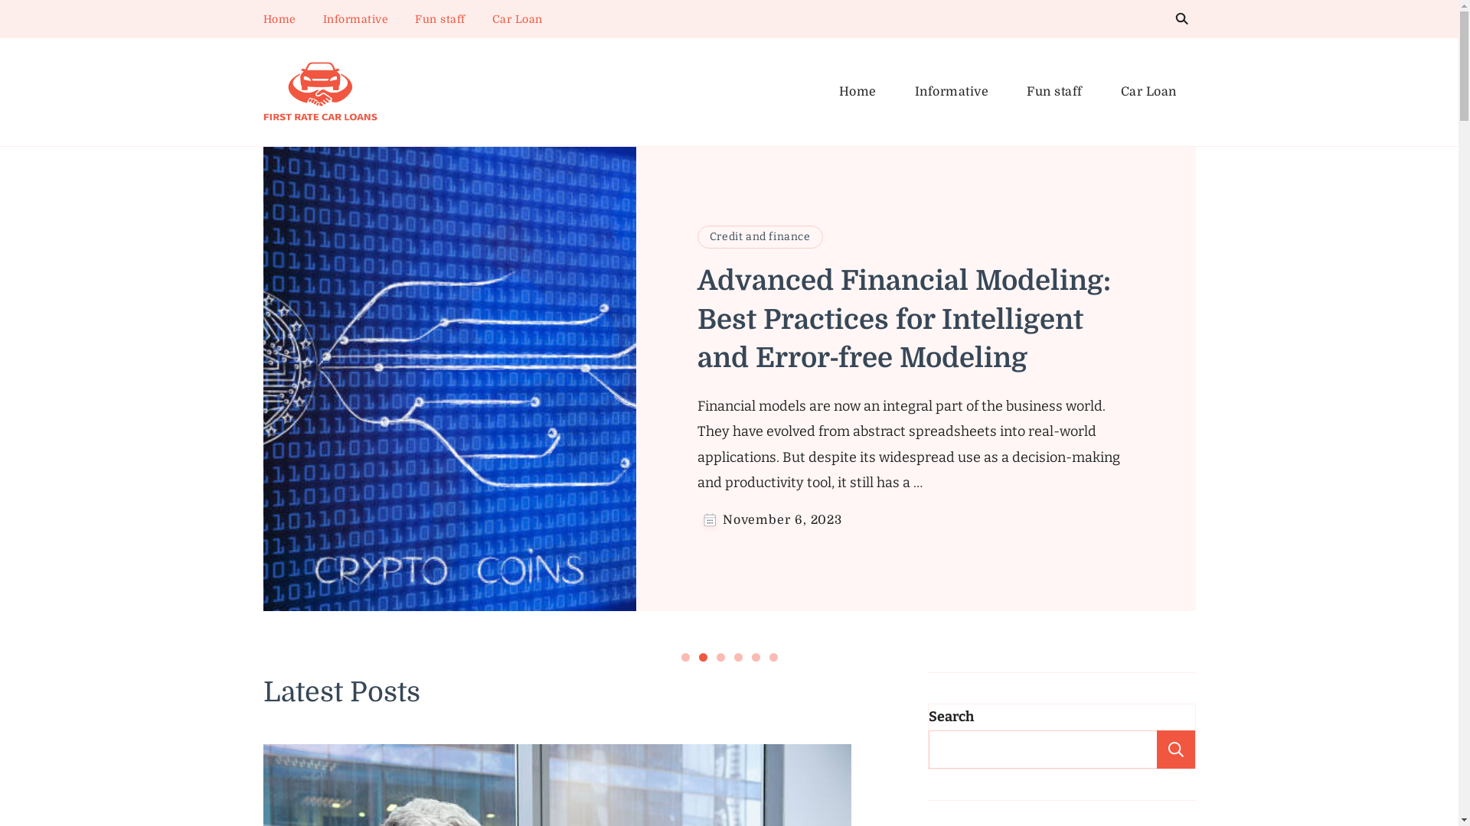 The height and width of the screenshot is (826, 1470). I want to click on 'Car Loan', so click(517, 18).